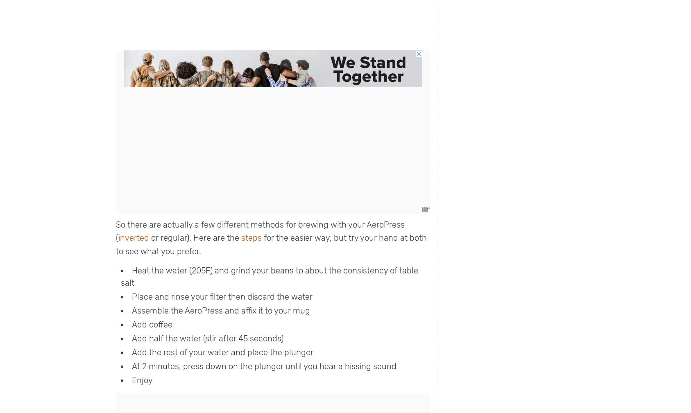 Image resolution: width=691 pixels, height=413 pixels. I want to click on 'Place and rinse your filter then discard the water', so click(222, 296).